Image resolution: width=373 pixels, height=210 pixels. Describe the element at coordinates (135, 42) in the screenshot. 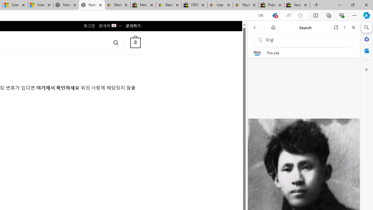

I see `'  0  '` at that location.